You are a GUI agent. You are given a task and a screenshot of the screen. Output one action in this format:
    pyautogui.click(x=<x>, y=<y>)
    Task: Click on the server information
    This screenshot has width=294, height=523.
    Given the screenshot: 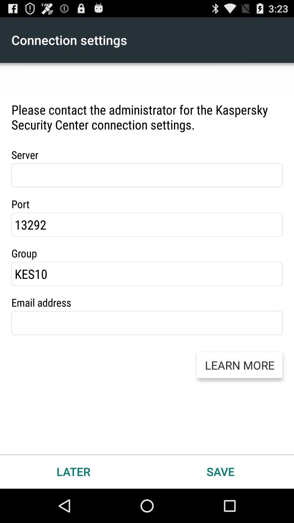 What is the action you would take?
    pyautogui.click(x=147, y=175)
    